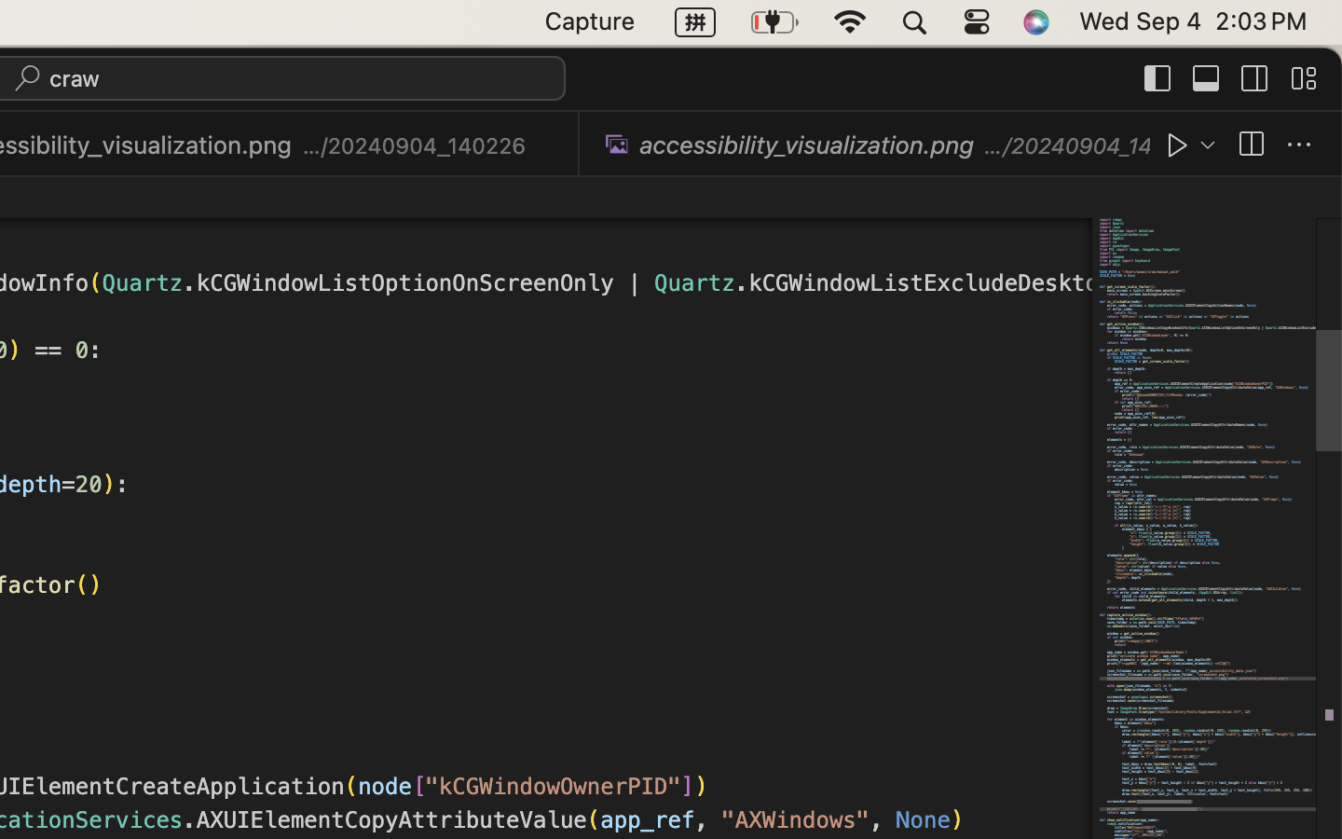  I want to click on '', so click(1253, 76).